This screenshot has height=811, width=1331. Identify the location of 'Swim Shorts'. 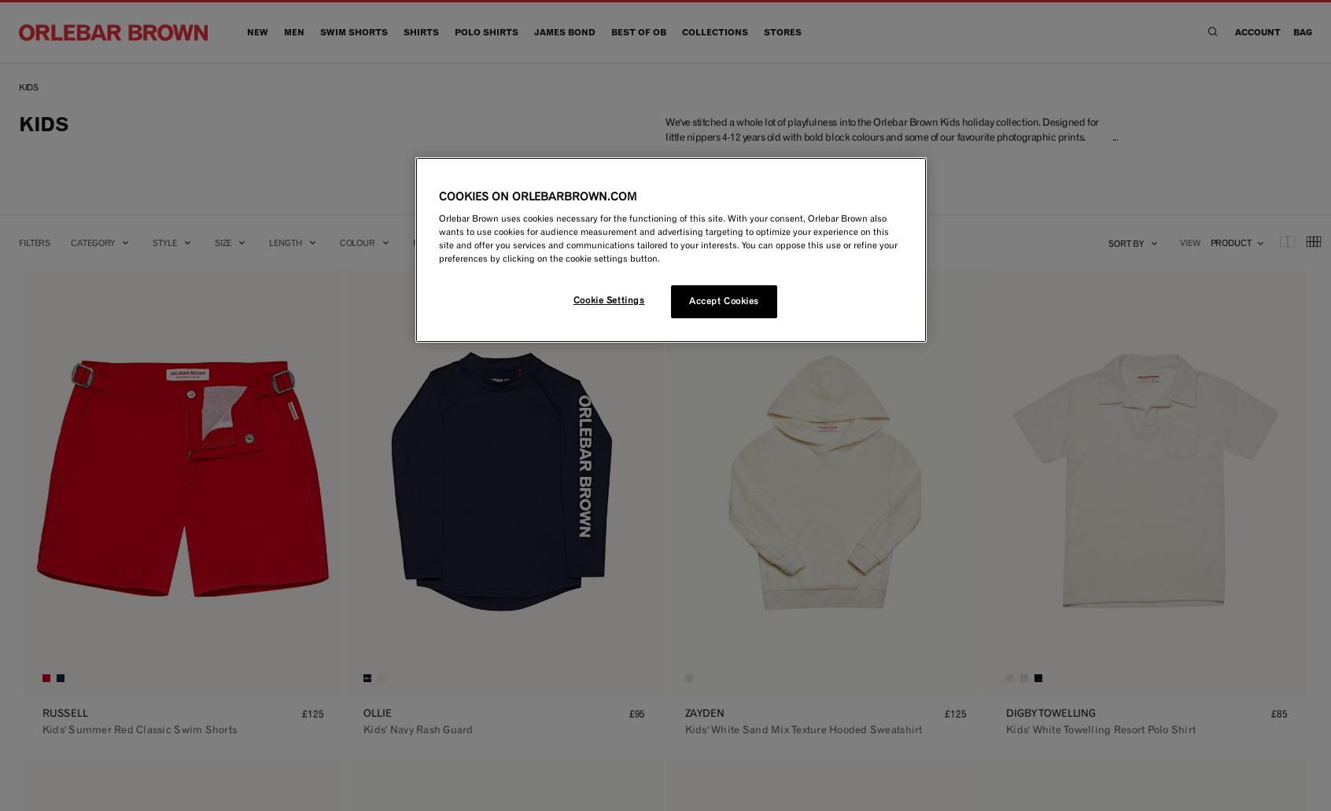
(319, 31).